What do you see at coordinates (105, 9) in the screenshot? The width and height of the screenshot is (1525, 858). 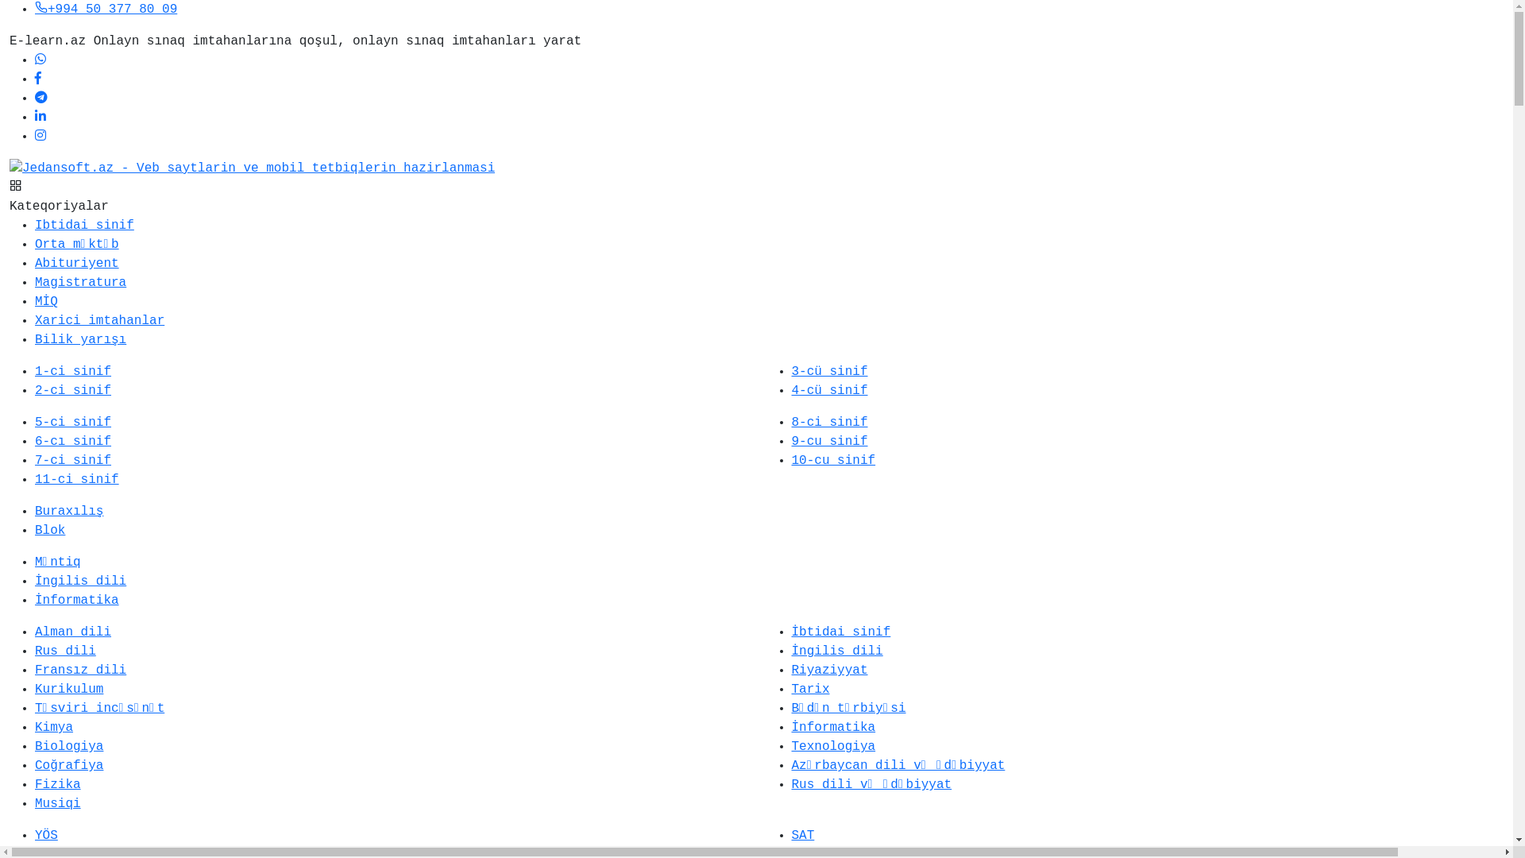 I see `'+994 50 377 80 09'` at bounding box center [105, 9].